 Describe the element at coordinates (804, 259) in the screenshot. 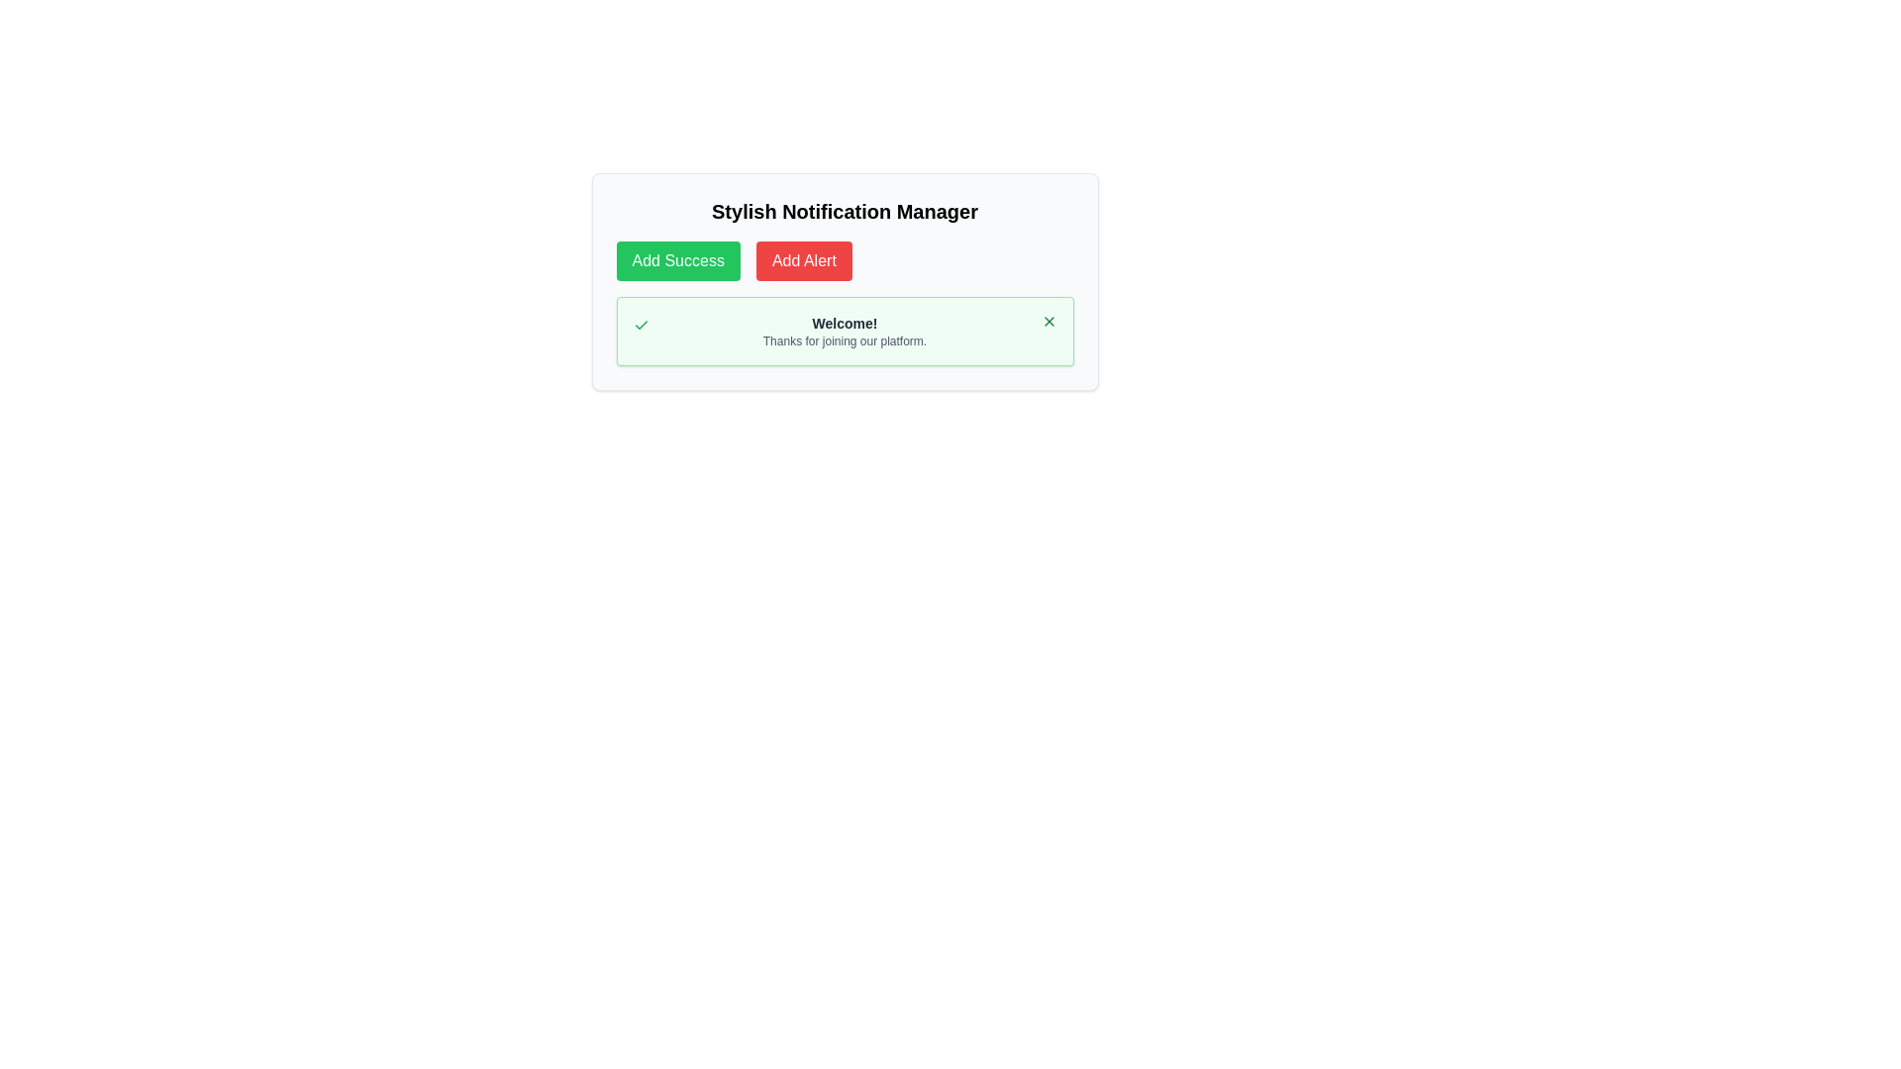

I see `the button labeled 'Add Alert' with a red background` at that location.